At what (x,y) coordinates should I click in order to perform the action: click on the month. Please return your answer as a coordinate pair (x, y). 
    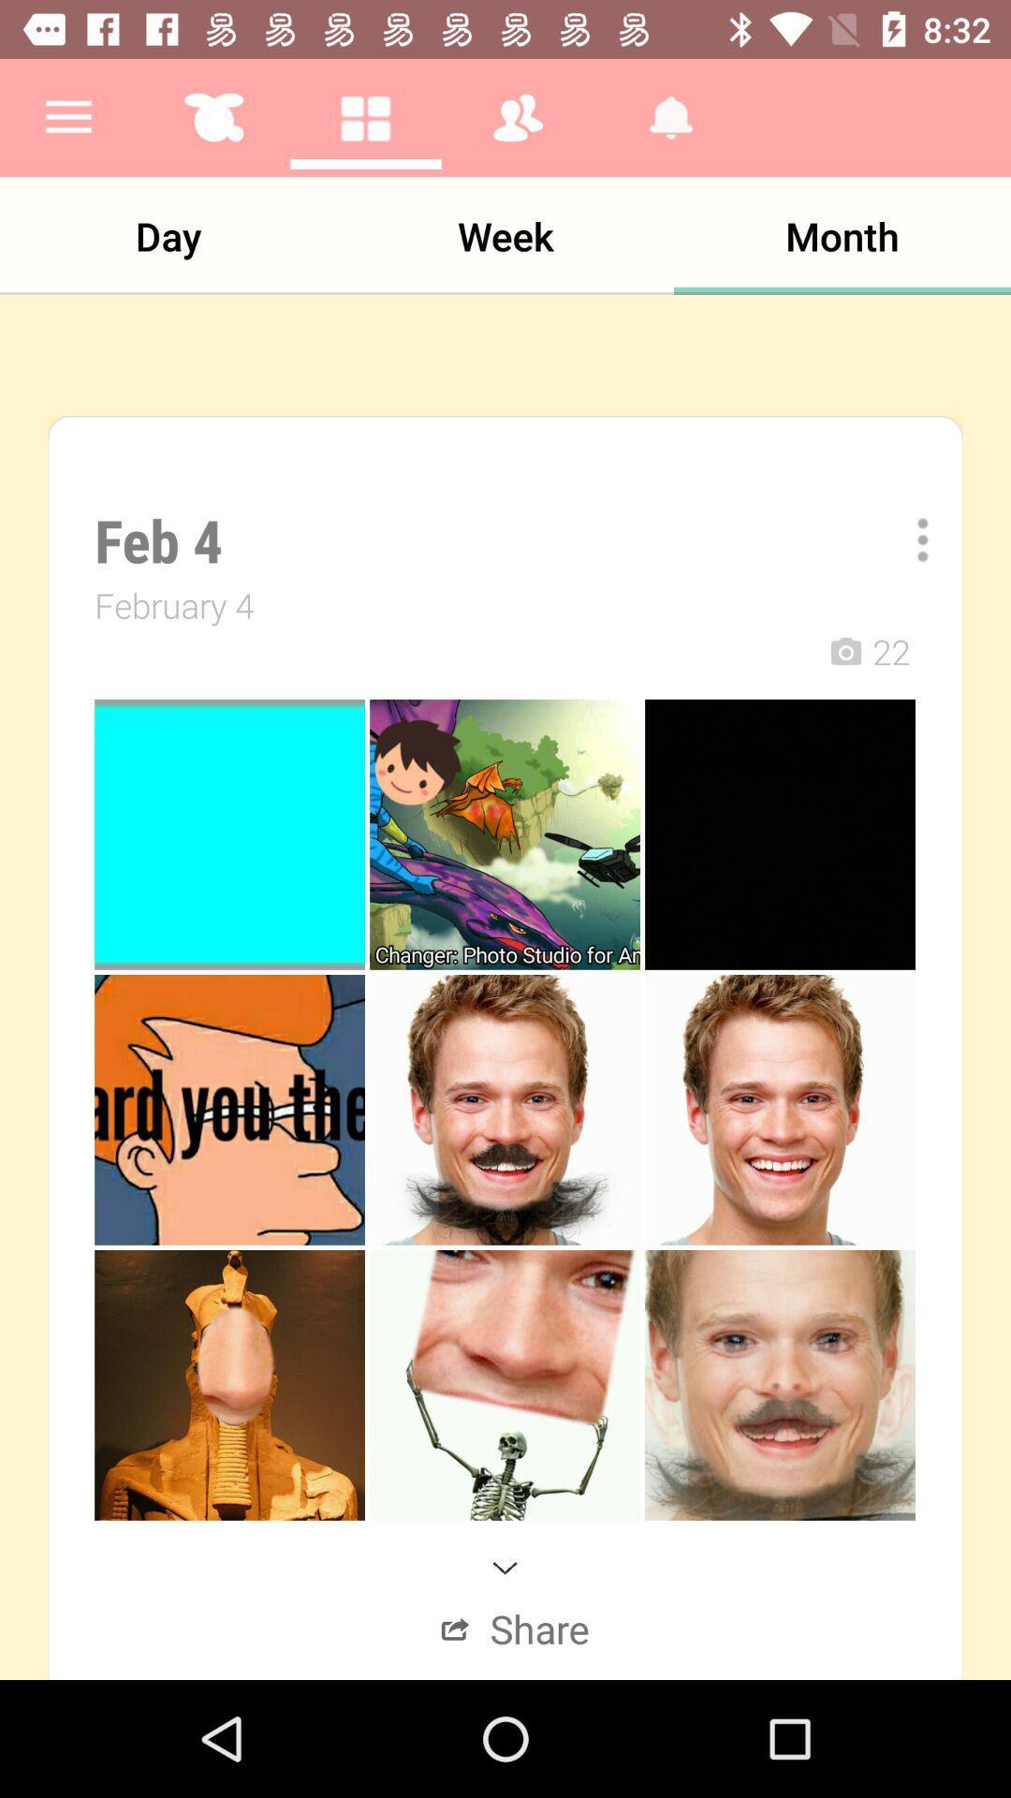
    Looking at the image, I should click on (841, 235).